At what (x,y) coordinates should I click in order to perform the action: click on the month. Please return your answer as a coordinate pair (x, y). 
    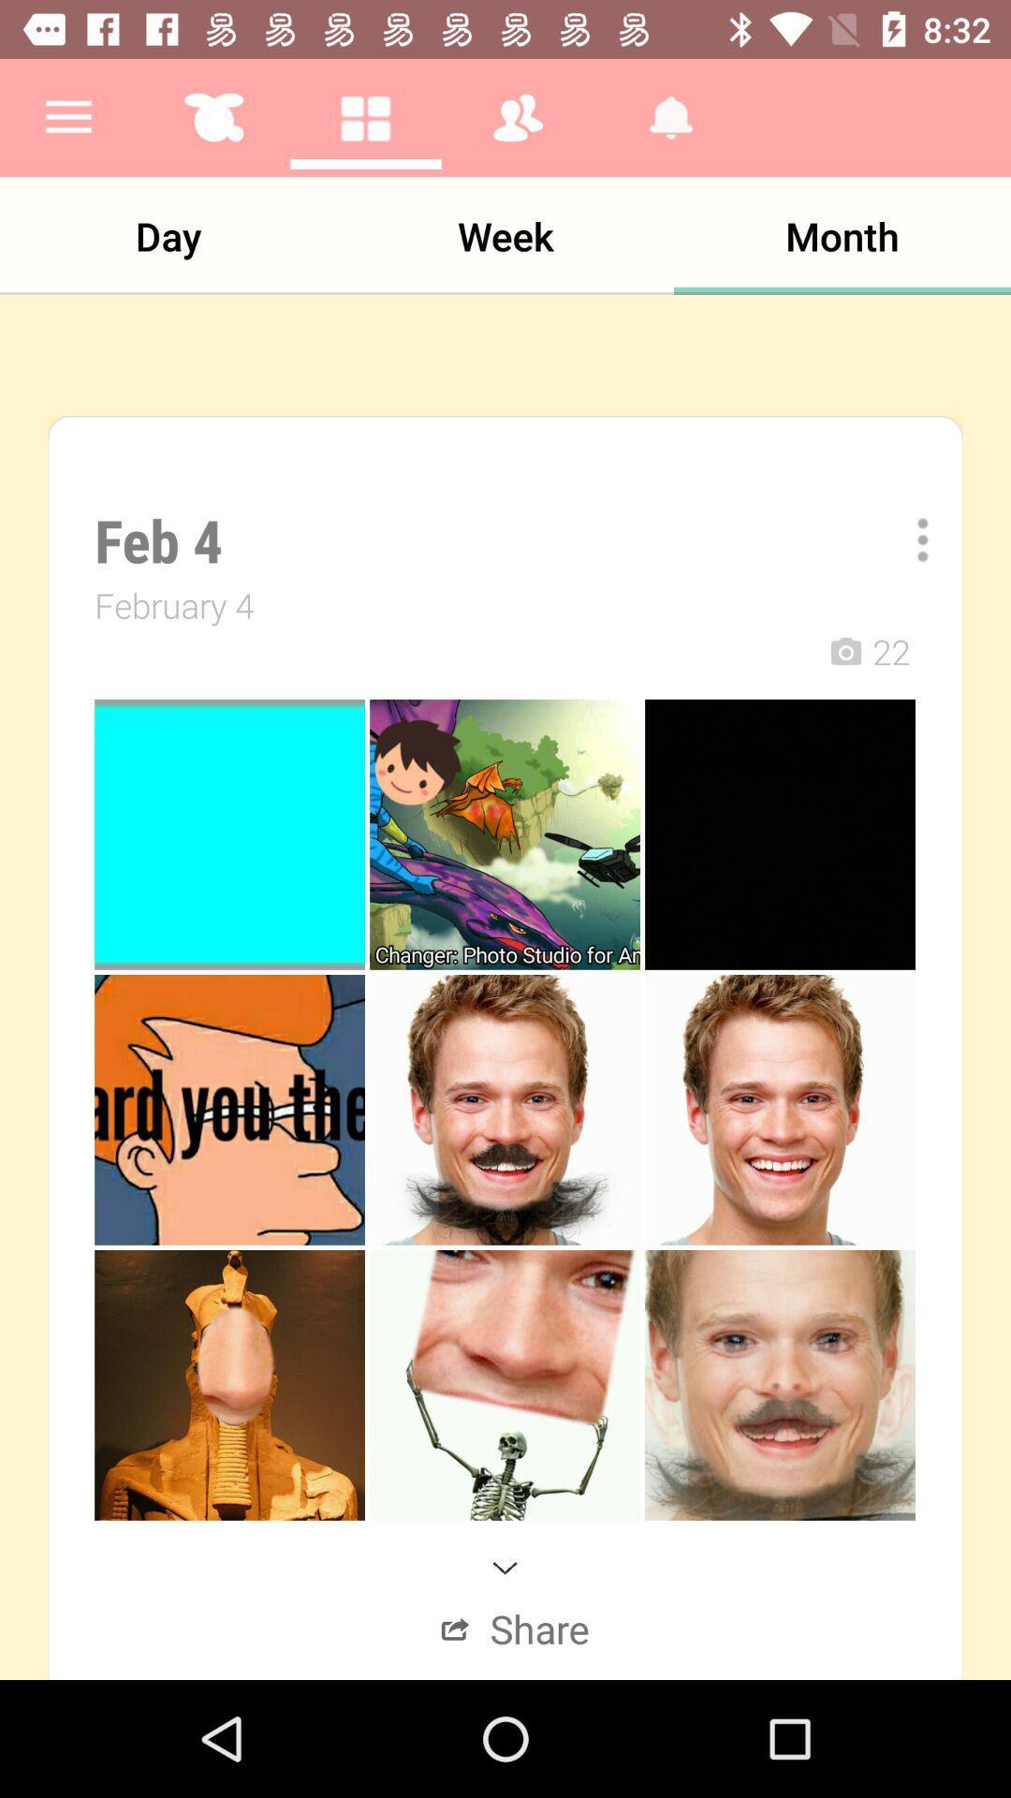
    Looking at the image, I should click on (841, 235).